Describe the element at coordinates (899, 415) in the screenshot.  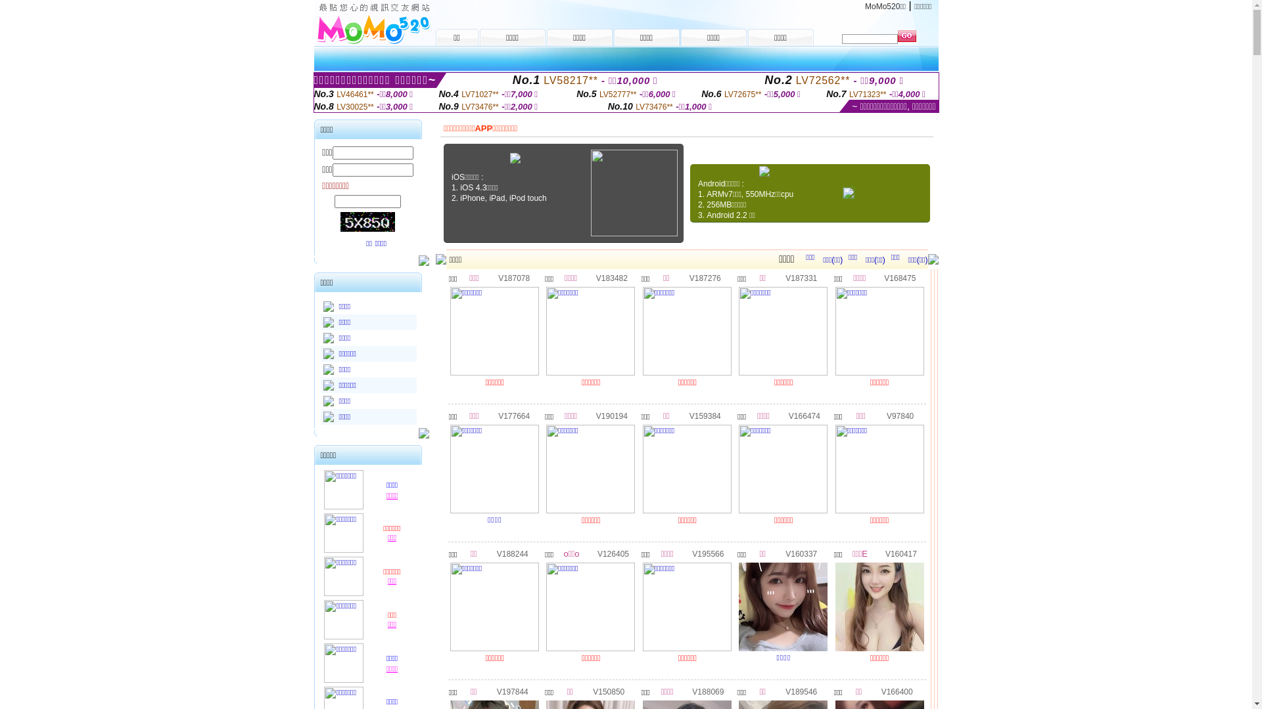
I see `'V97840'` at that location.